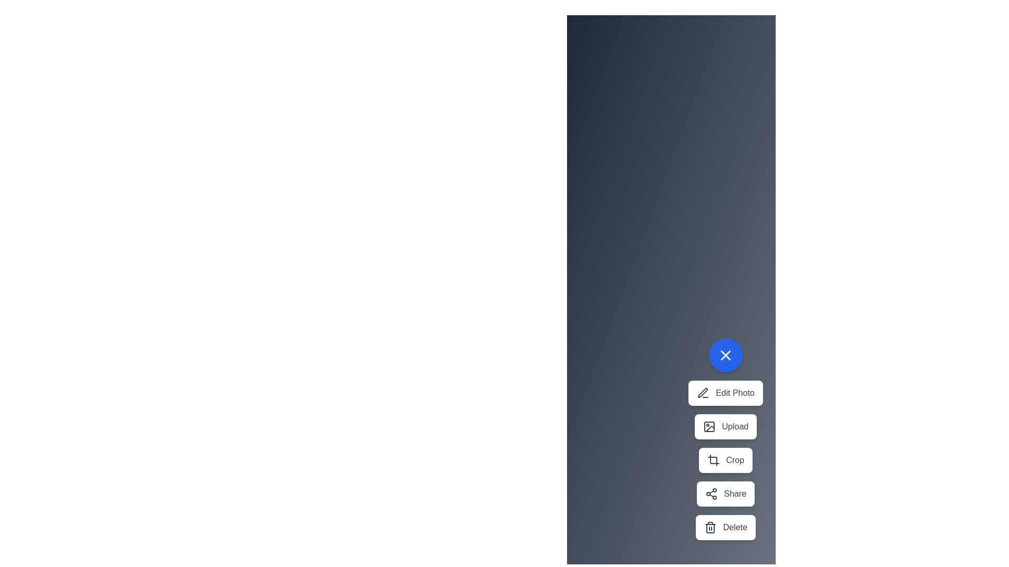  What do you see at coordinates (725, 494) in the screenshot?
I see `the Share button in the speed dial menu` at bounding box center [725, 494].